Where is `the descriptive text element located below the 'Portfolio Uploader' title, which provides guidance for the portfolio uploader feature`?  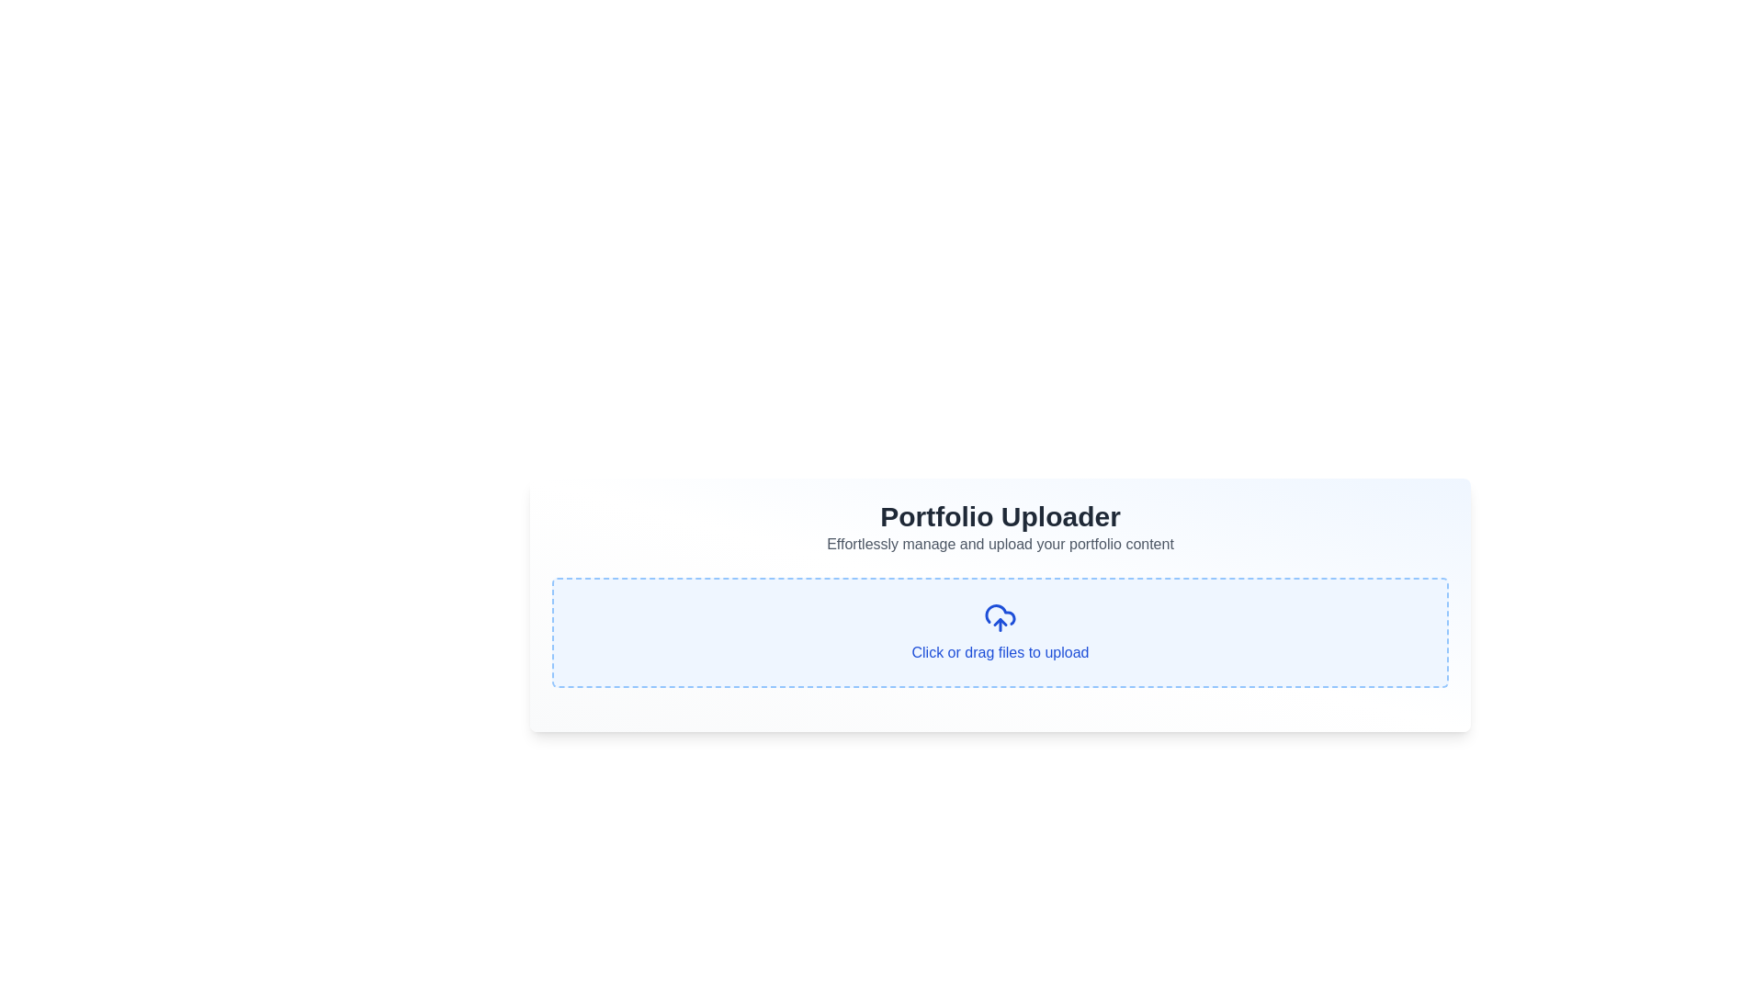 the descriptive text element located below the 'Portfolio Uploader' title, which provides guidance for the portfolio uploader feature is located at coordinates (1000, 544).